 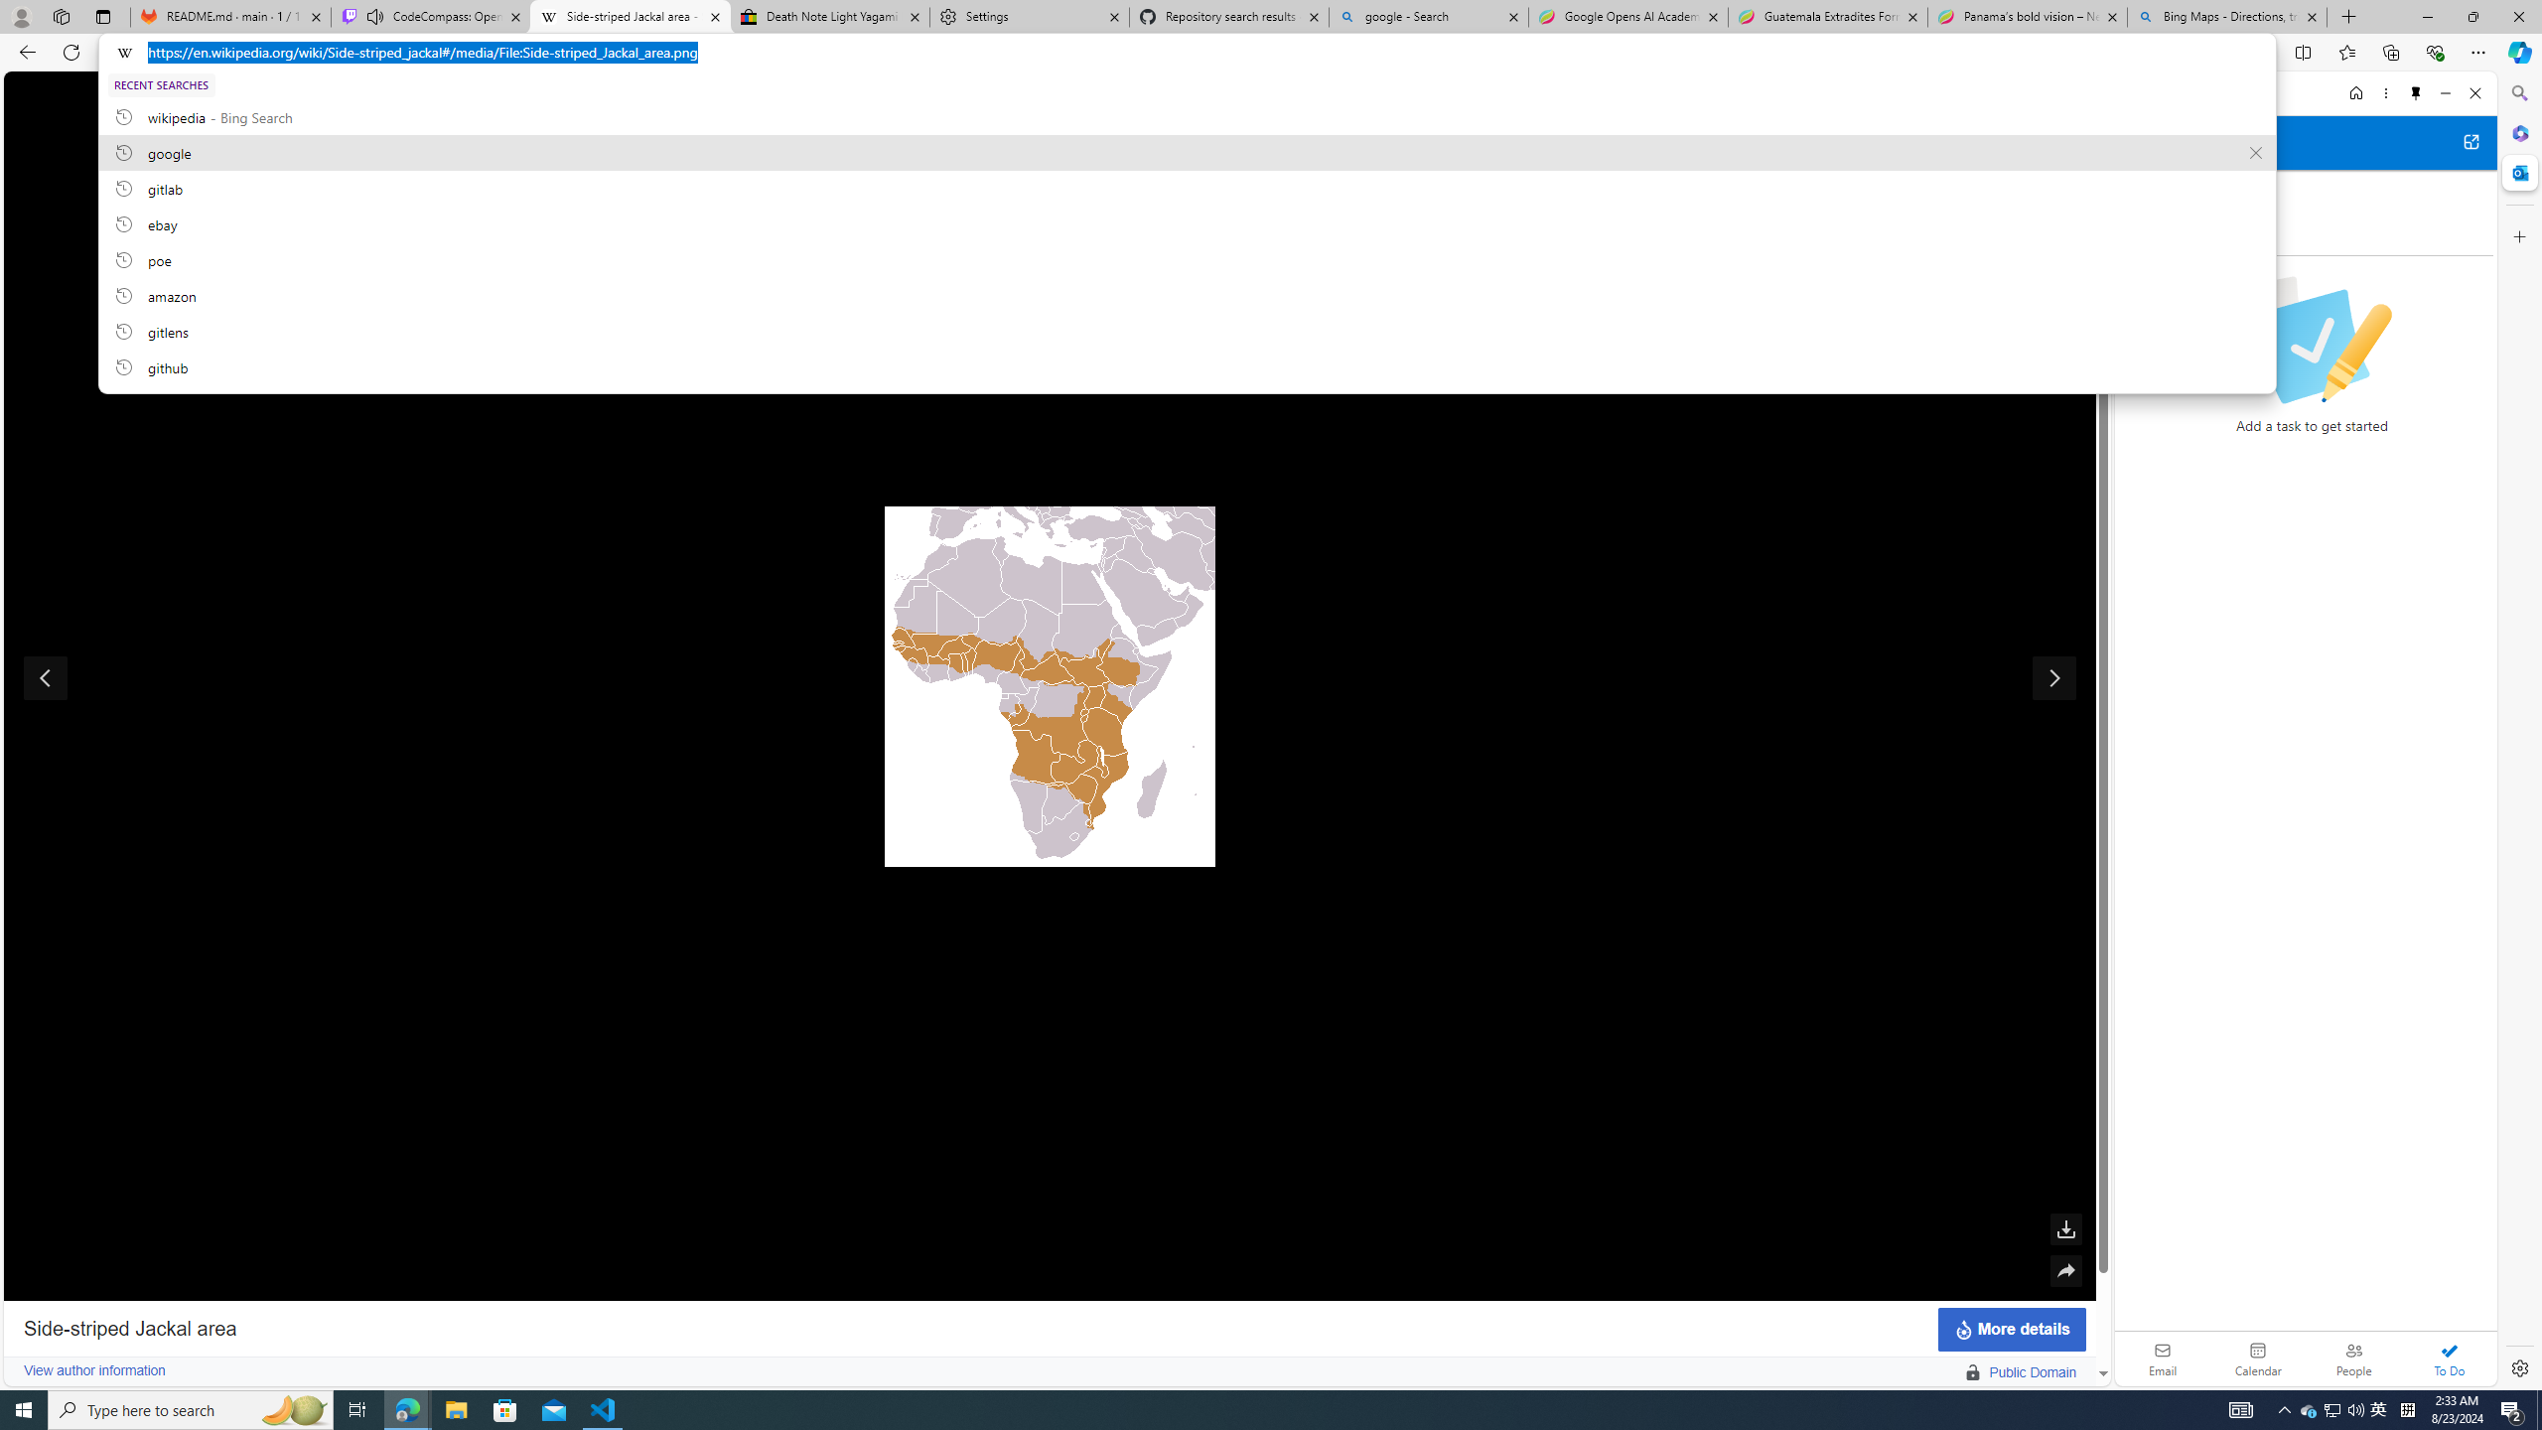 What do you see at coordinates (375, 15) in the screenshot?
I see `'Mute tab'` at bounding box center [375, 15].